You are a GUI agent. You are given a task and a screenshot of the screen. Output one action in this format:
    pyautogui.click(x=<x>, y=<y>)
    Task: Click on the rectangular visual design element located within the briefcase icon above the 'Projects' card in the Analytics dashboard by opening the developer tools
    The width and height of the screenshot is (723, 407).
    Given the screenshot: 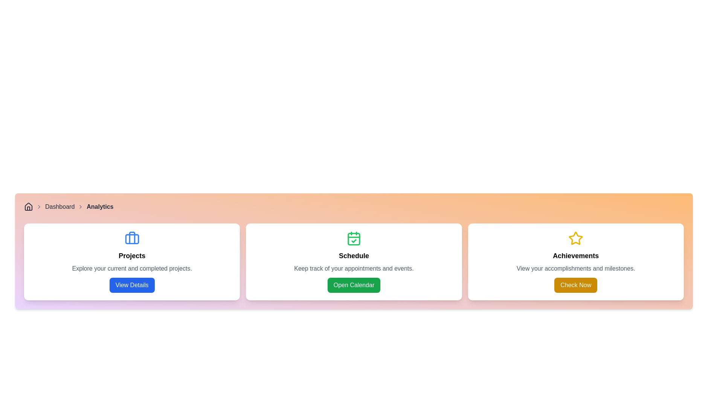 What is the action you would take?
    pyautogui.click(x=132, y=239)
    